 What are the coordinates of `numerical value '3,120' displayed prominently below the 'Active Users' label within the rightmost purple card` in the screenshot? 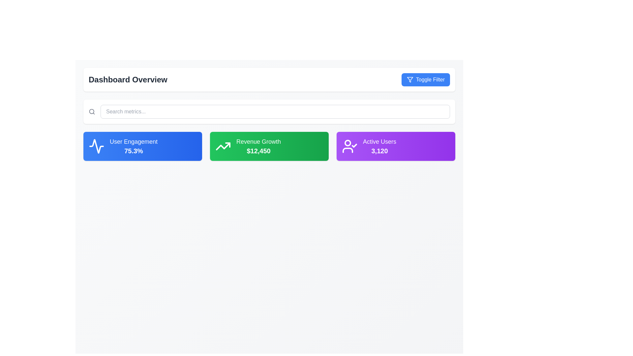 It's located at (379, 151).